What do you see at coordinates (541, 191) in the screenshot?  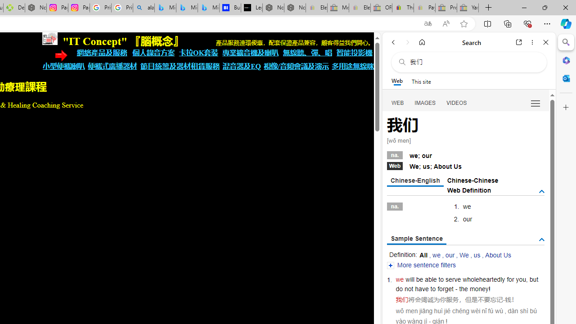 I see `'AutomationID: tgdef'` at bounding box center [541, 191].